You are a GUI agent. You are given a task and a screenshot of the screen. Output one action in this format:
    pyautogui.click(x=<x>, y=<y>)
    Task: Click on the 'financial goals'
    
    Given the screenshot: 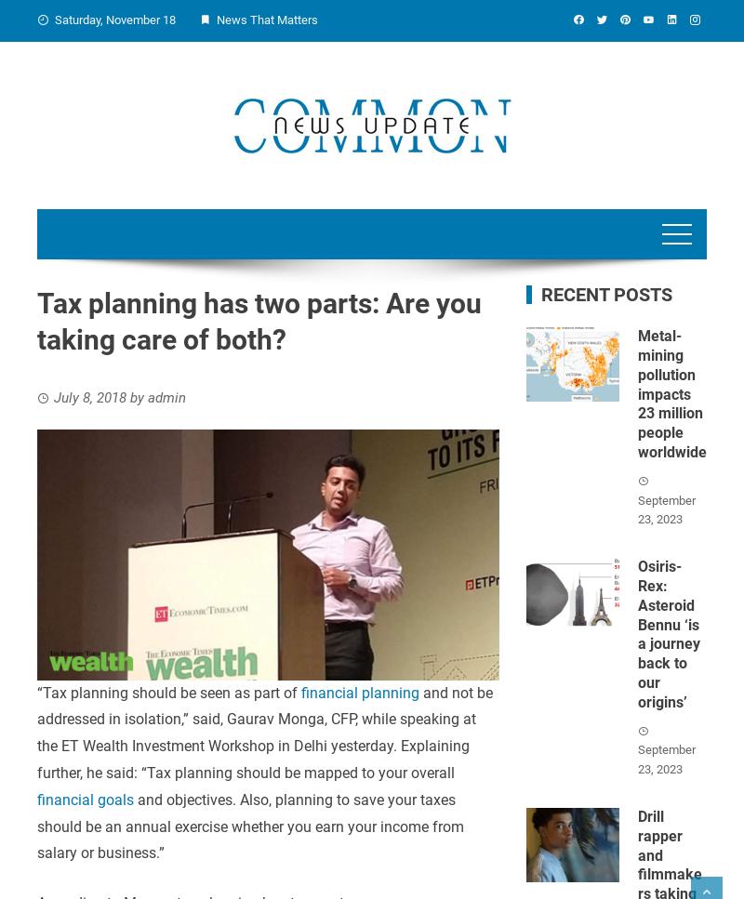 What is the action you would take?
    pyautogui.click(x=86, y=798)
    